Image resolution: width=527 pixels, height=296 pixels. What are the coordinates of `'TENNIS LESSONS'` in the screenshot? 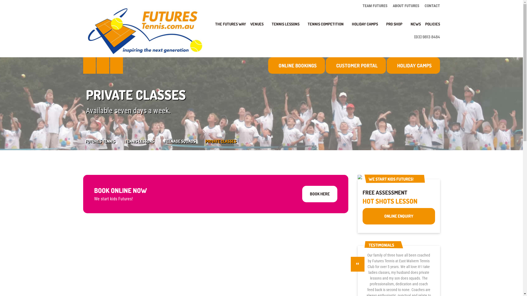 It's located at (144, 141).